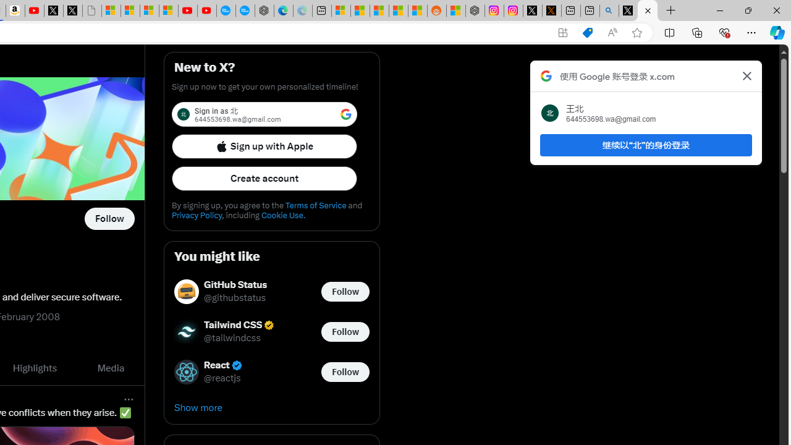 This screenshot has height=445, width=791. Describe the element at coordinates (562, 32) in the screenshot. I see `'App available. Install X'` at that location.